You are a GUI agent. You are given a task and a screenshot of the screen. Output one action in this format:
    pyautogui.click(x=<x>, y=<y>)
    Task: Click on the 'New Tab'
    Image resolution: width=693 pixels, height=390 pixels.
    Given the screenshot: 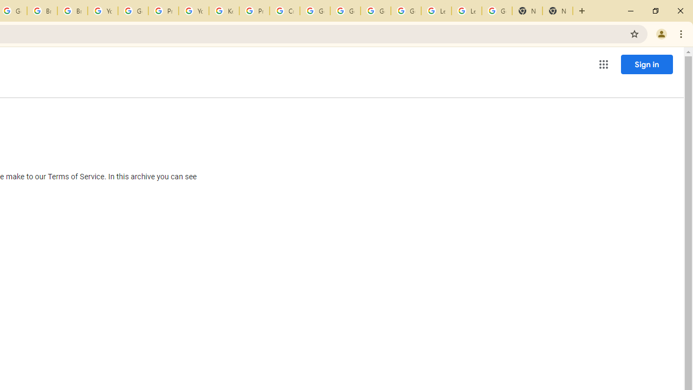 What is the action you would take?
    pyautogui.click(x=527, y=11)
    